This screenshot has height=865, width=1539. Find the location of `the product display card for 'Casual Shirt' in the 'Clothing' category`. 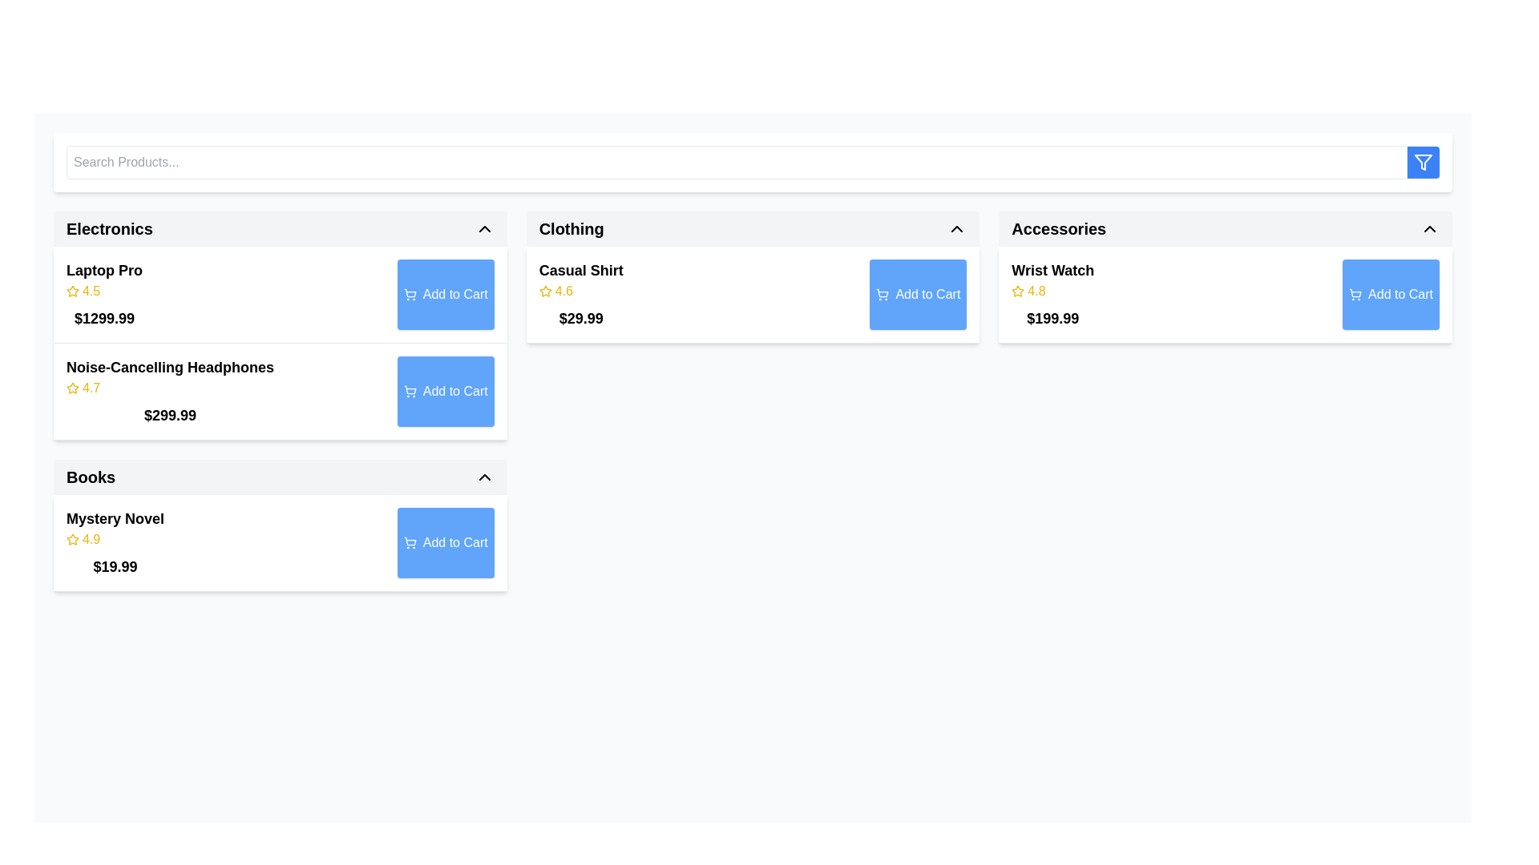

the product display card for 'Casual Shirt' in the 'Clothing' category is located at coordinates (752, 325).